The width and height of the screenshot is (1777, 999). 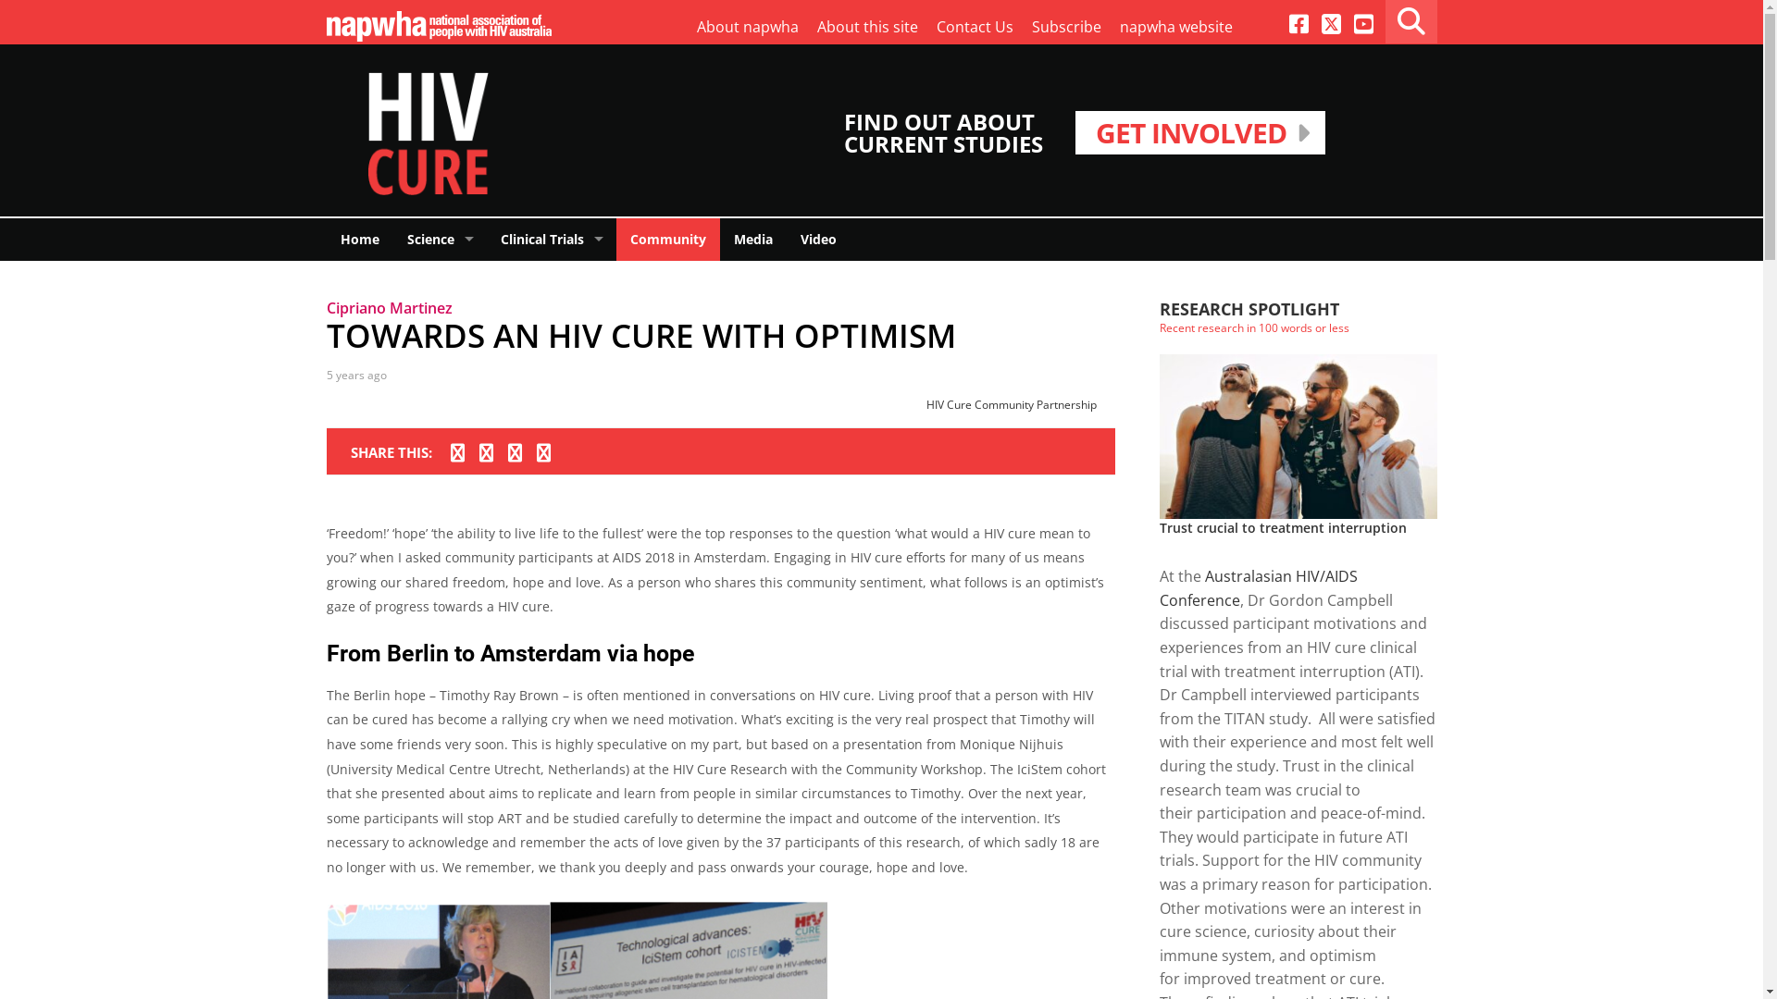 What do you see at coordinates (1199, 131) in the screenshot?
I see `'GET INVOLVED'` at bounding box center [1199, 131].